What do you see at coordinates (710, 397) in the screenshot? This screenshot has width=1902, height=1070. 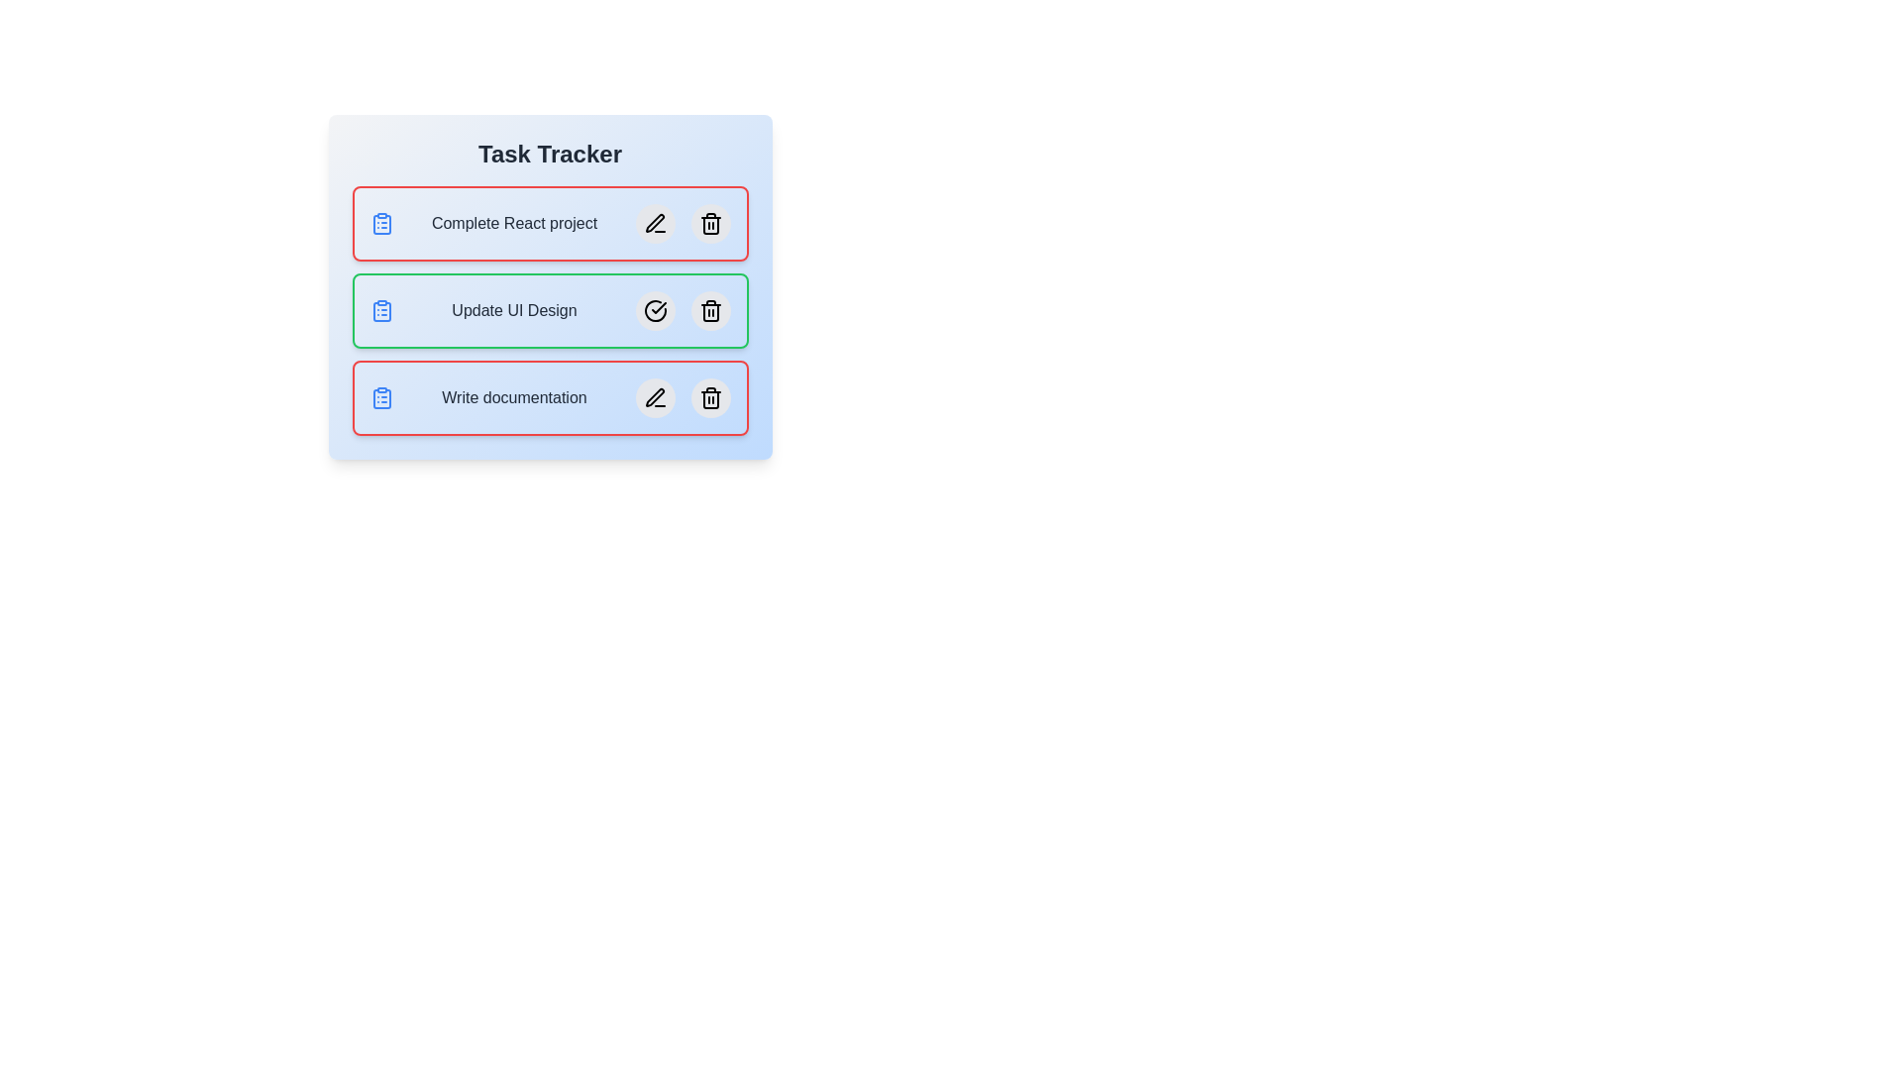 I see `the delete button for the task named Write documentation` at bounding box center [710, 397].